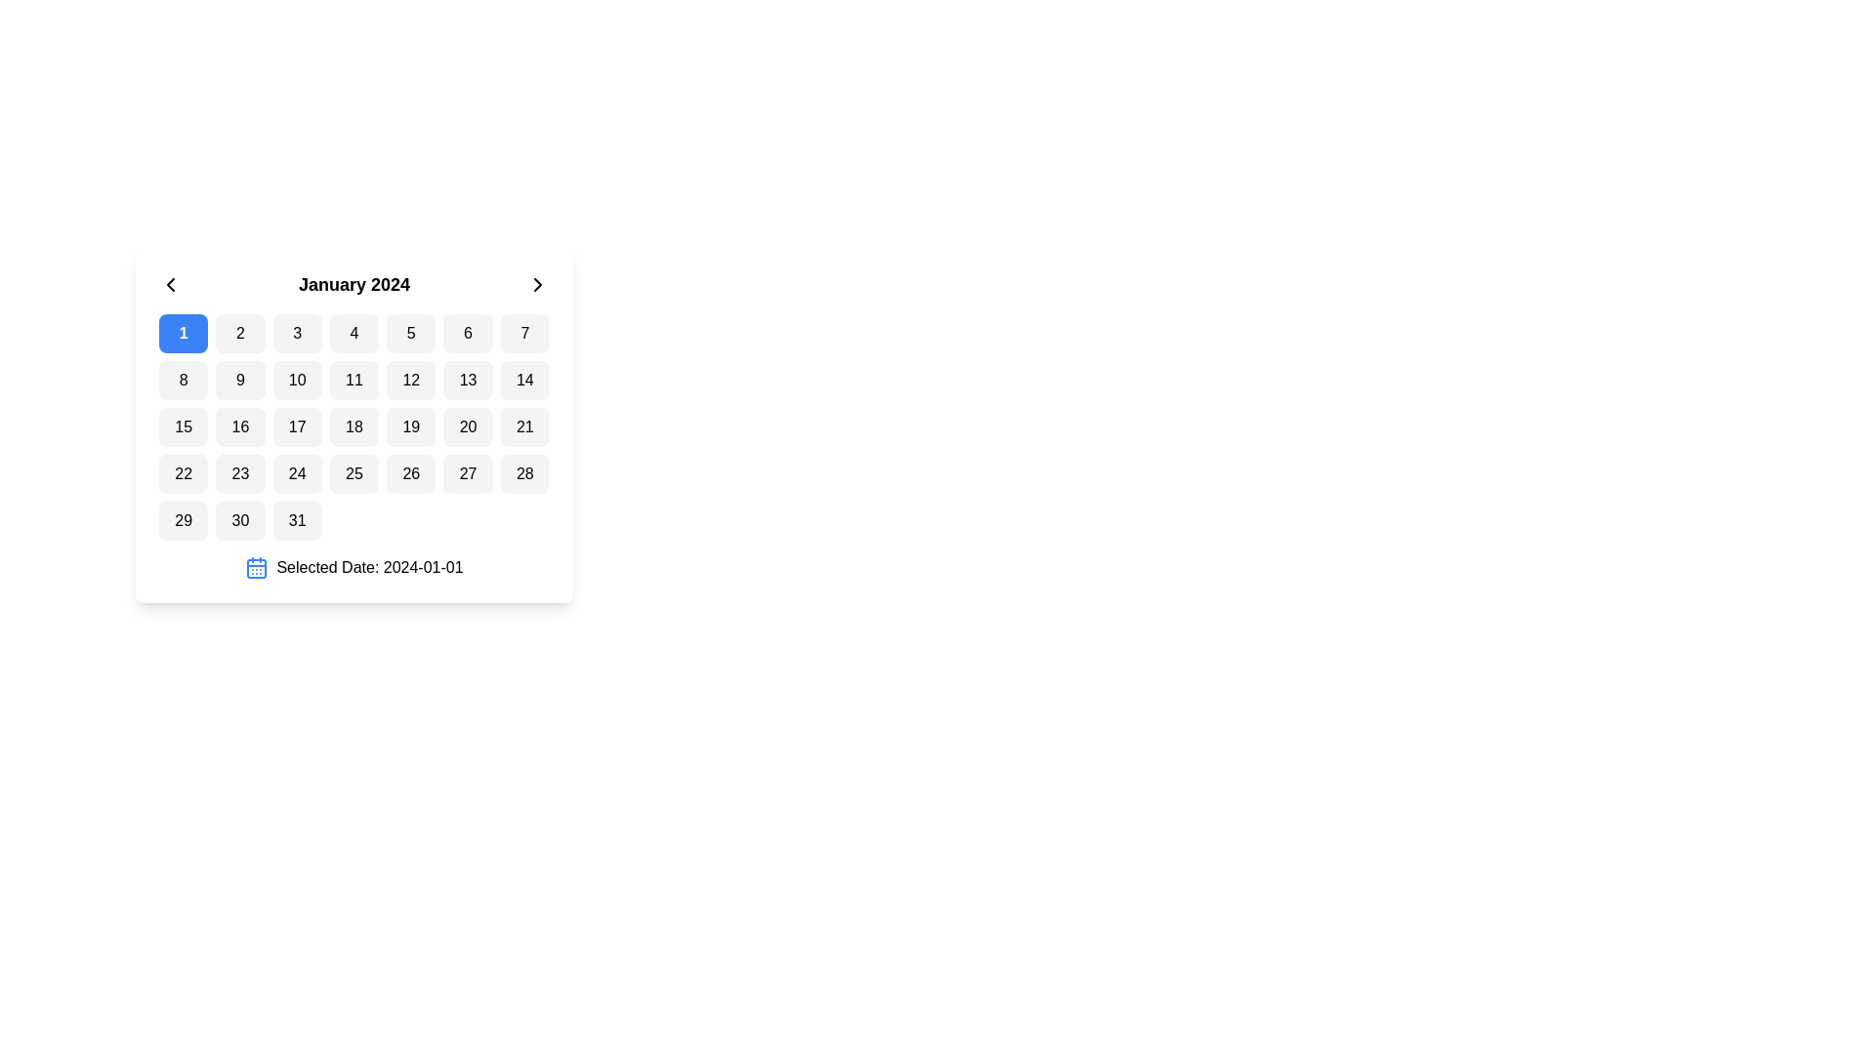  Describe the element at coordinates (410, 380) in the screenshot. I see `the calendar button representing the 12th day` at that location.